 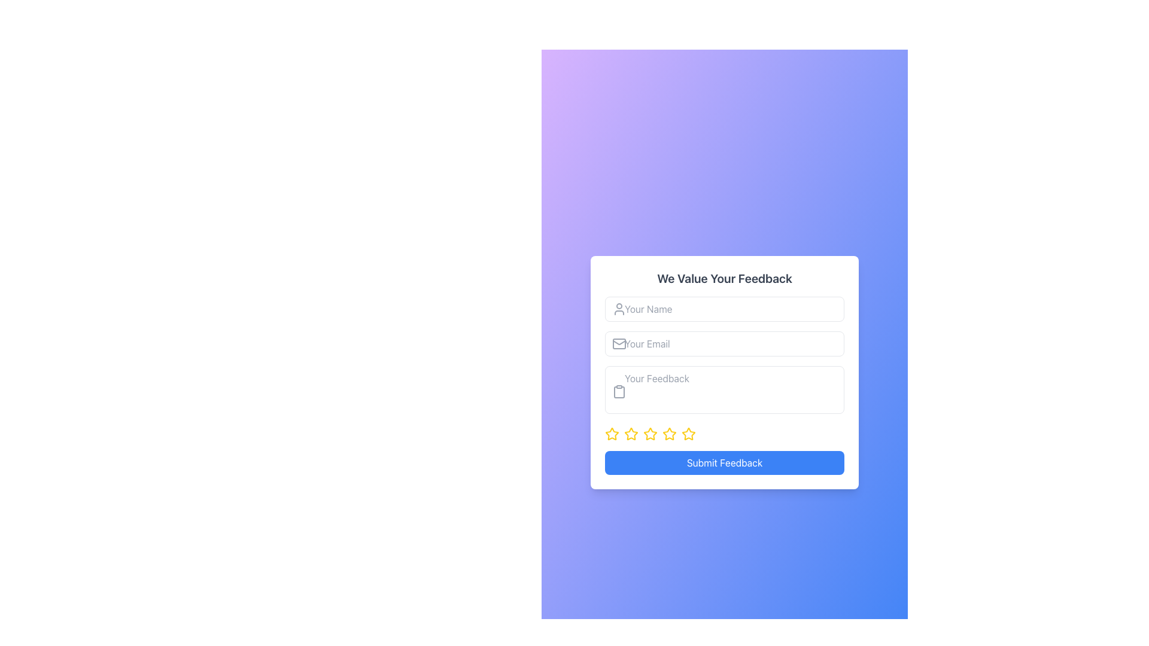 What do you see at coordinates (612, 434) in the screenshot?
I see `the first star in the rating system` at bounding box center [612, 434].